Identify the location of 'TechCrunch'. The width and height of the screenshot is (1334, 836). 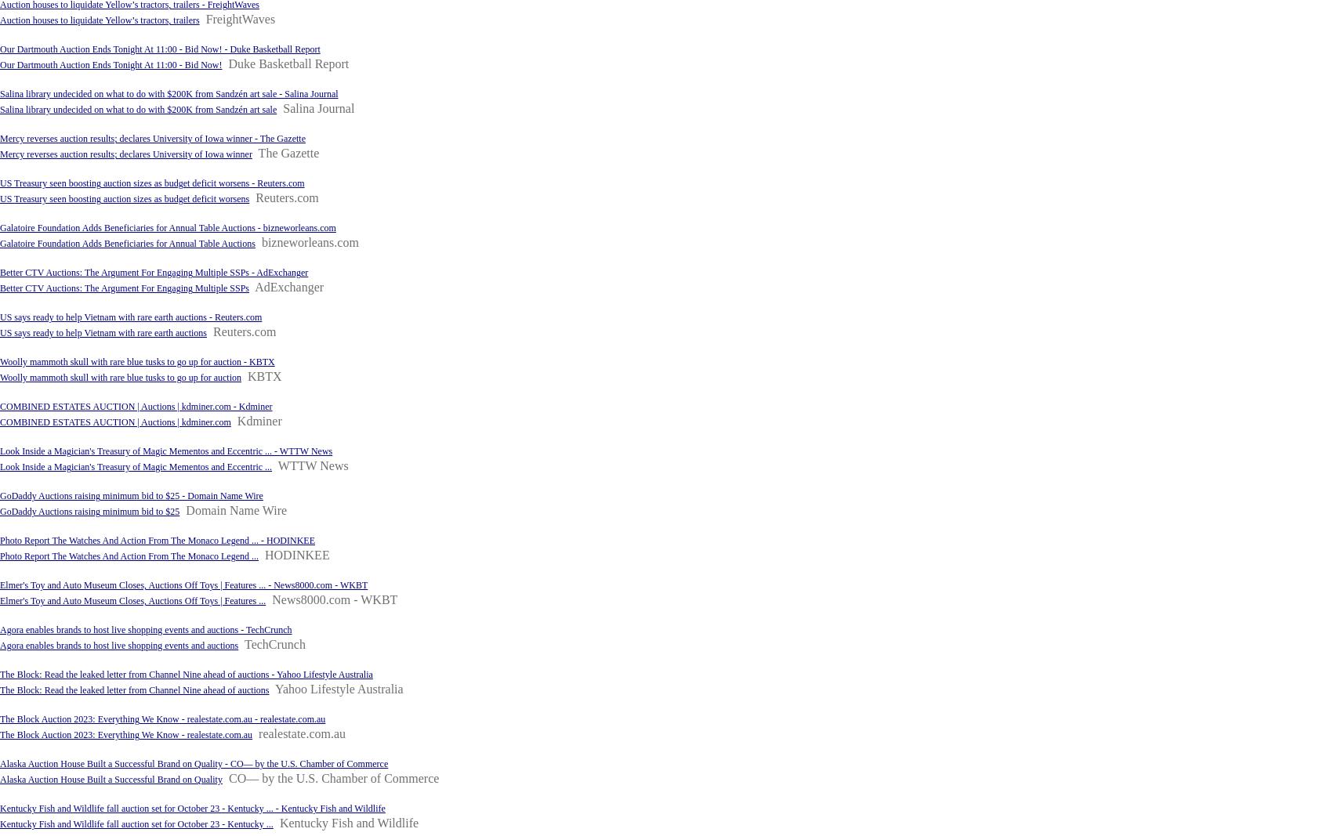
(274, 643).